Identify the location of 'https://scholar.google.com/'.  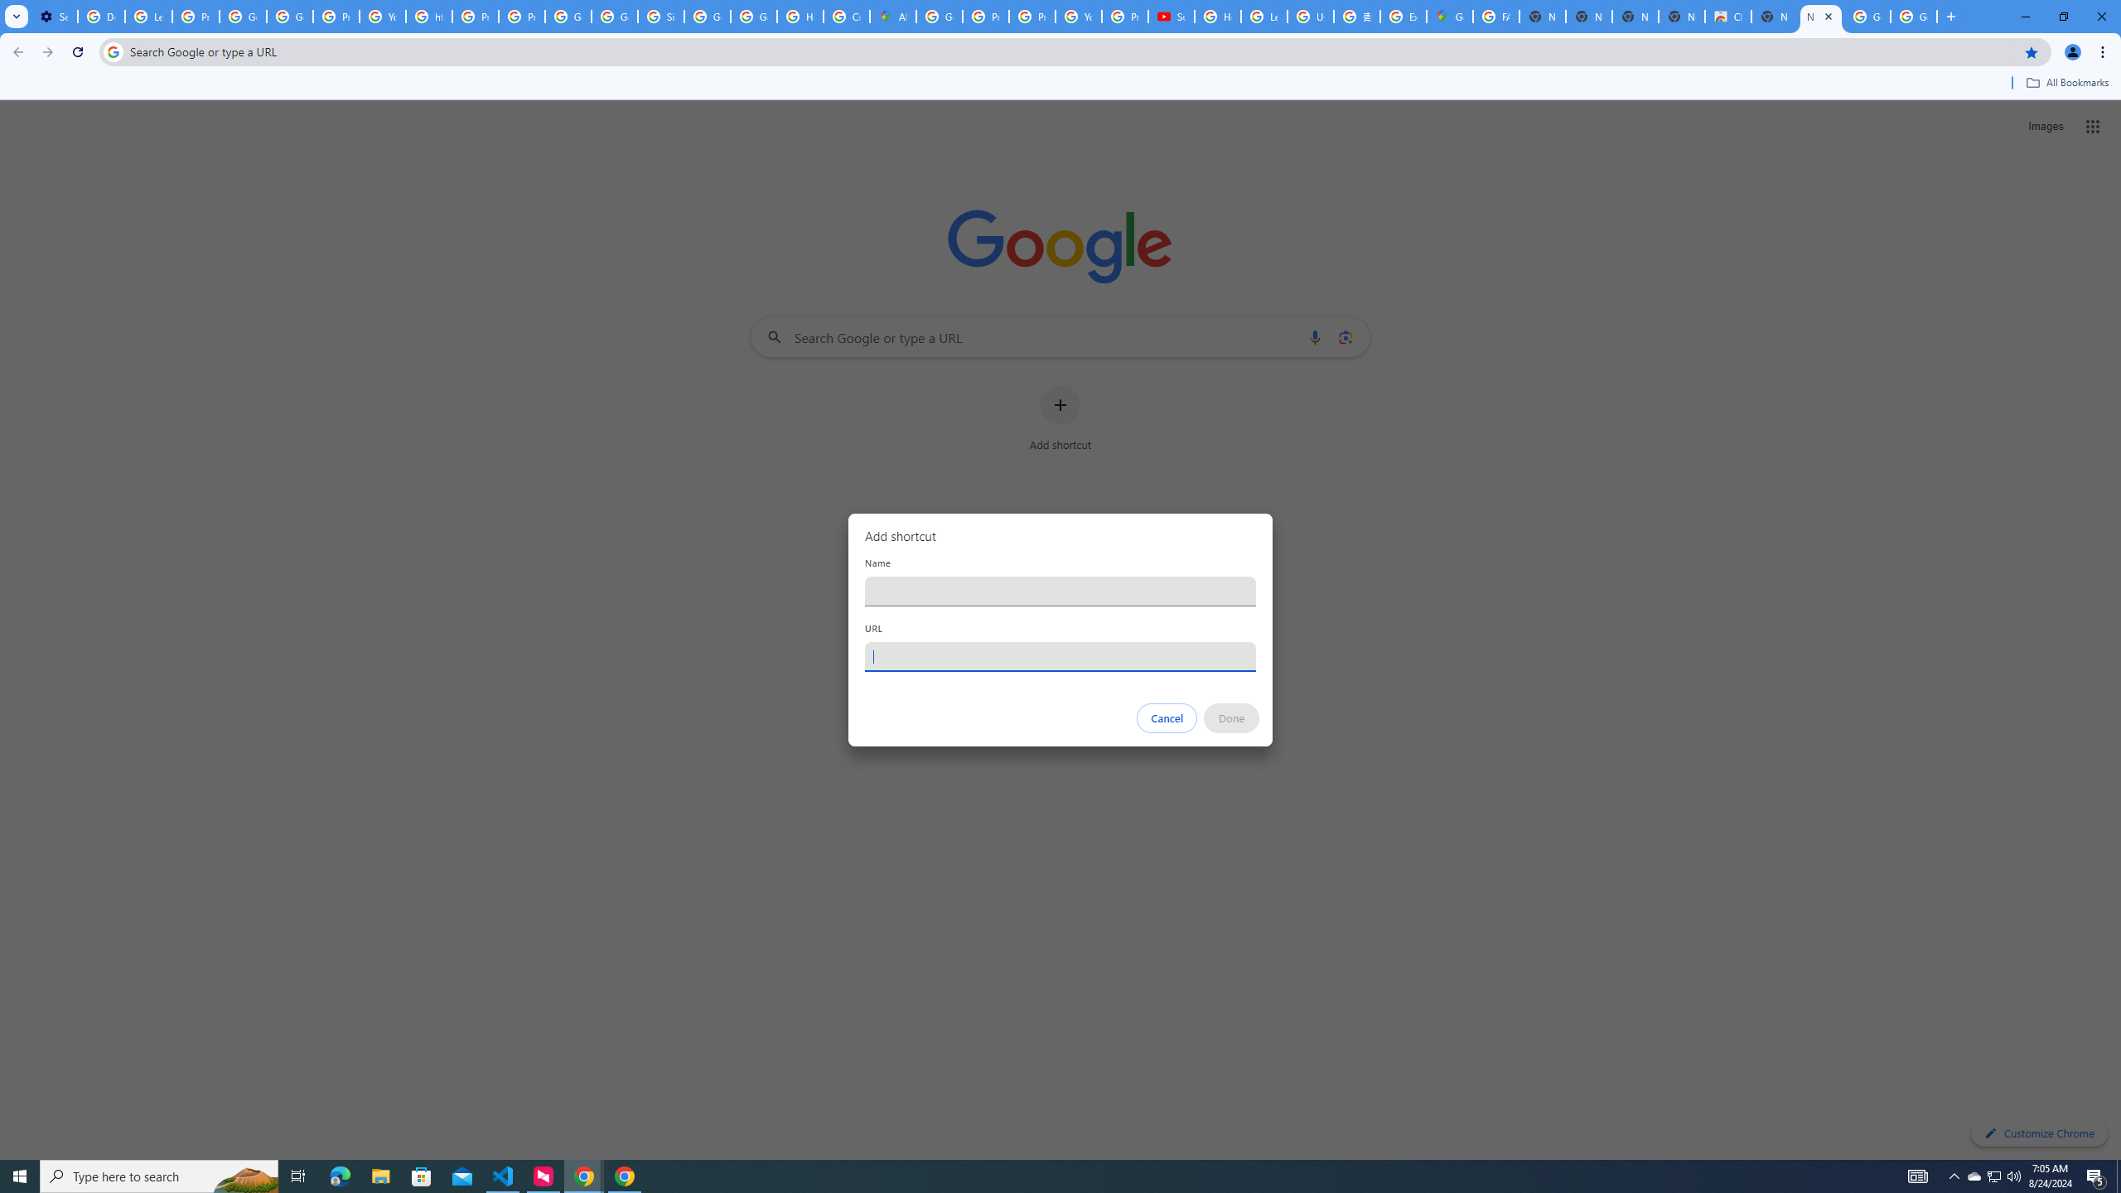
(428, 16).